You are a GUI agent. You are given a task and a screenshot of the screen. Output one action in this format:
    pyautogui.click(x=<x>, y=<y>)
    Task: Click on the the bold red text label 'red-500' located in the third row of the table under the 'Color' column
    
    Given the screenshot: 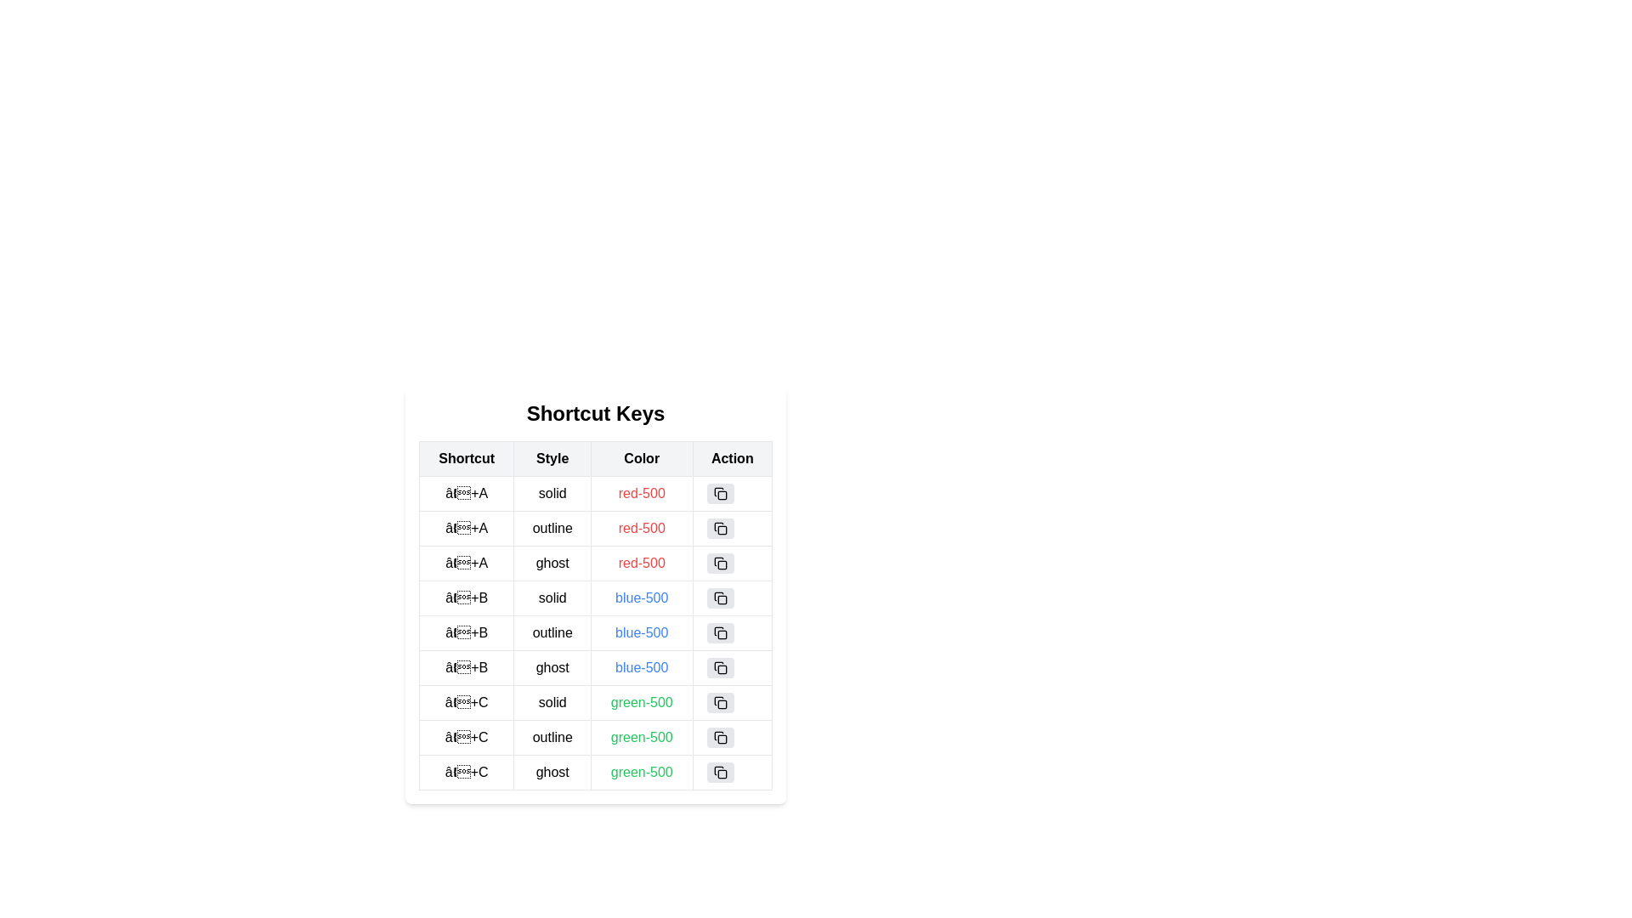 What is the action you would take?
    pyautogui.click(x=641, y=564)
    